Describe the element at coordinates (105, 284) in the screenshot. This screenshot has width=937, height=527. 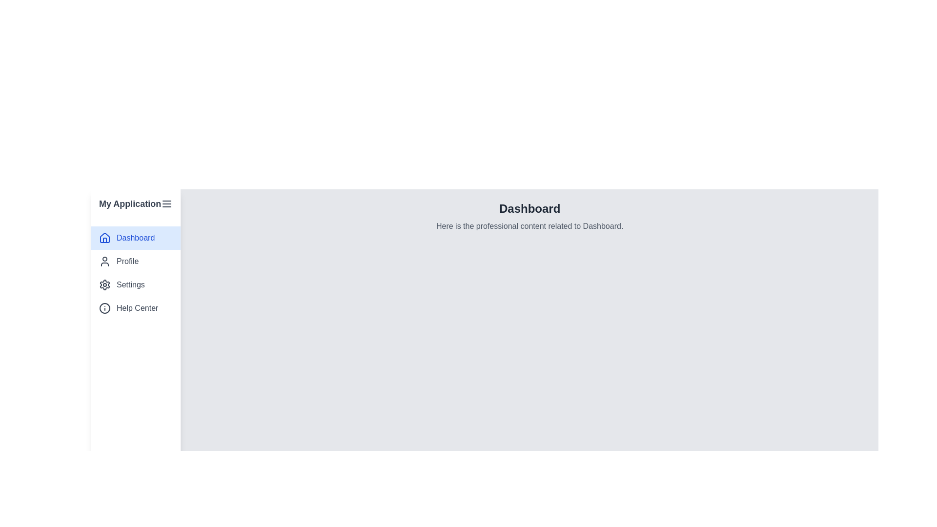
I see `the gear-shaped icon located in the navigation sidebar under the 'Settings' label` at that location.